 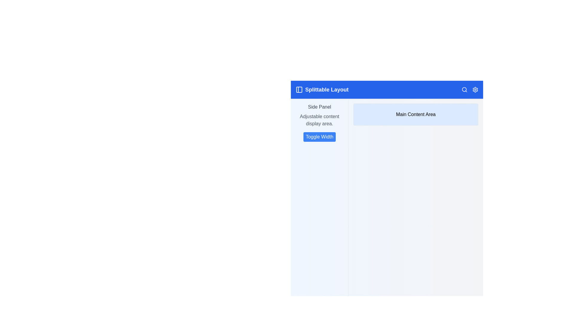 What do you see at coordinates (326, 90) in the screenshot?
I see `header text located in the top horizontal blue bar, aligned towards the center left and adjacent to a graphical icon` at bounding box center [326, 90].